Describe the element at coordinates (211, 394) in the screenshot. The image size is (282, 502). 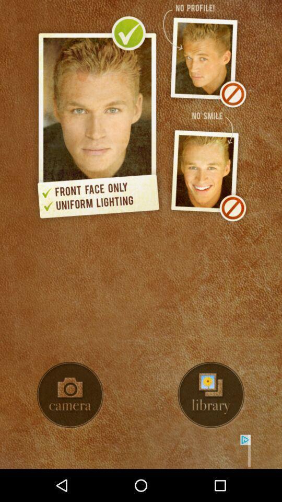
I see `look for library` at that location.